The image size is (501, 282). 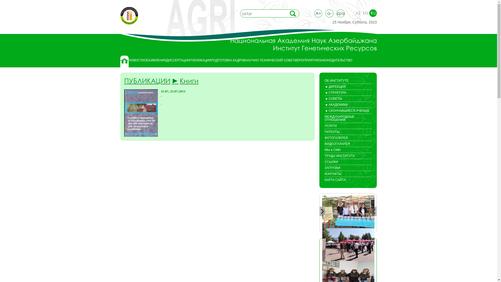 I want to click on 'RU', so click(x=373, y=13).